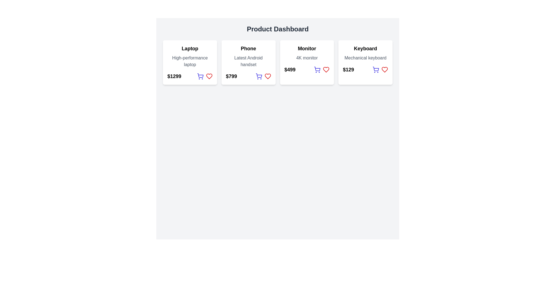 The height and width of the screenshot is (300, 533). What do you see at coordinates (290, 69) in the screenshot?
I see `displayed price '$499' from the bold text label centrally located within the 'Monitor' card in the product dashboard interface` at bounding box center [290, 69].